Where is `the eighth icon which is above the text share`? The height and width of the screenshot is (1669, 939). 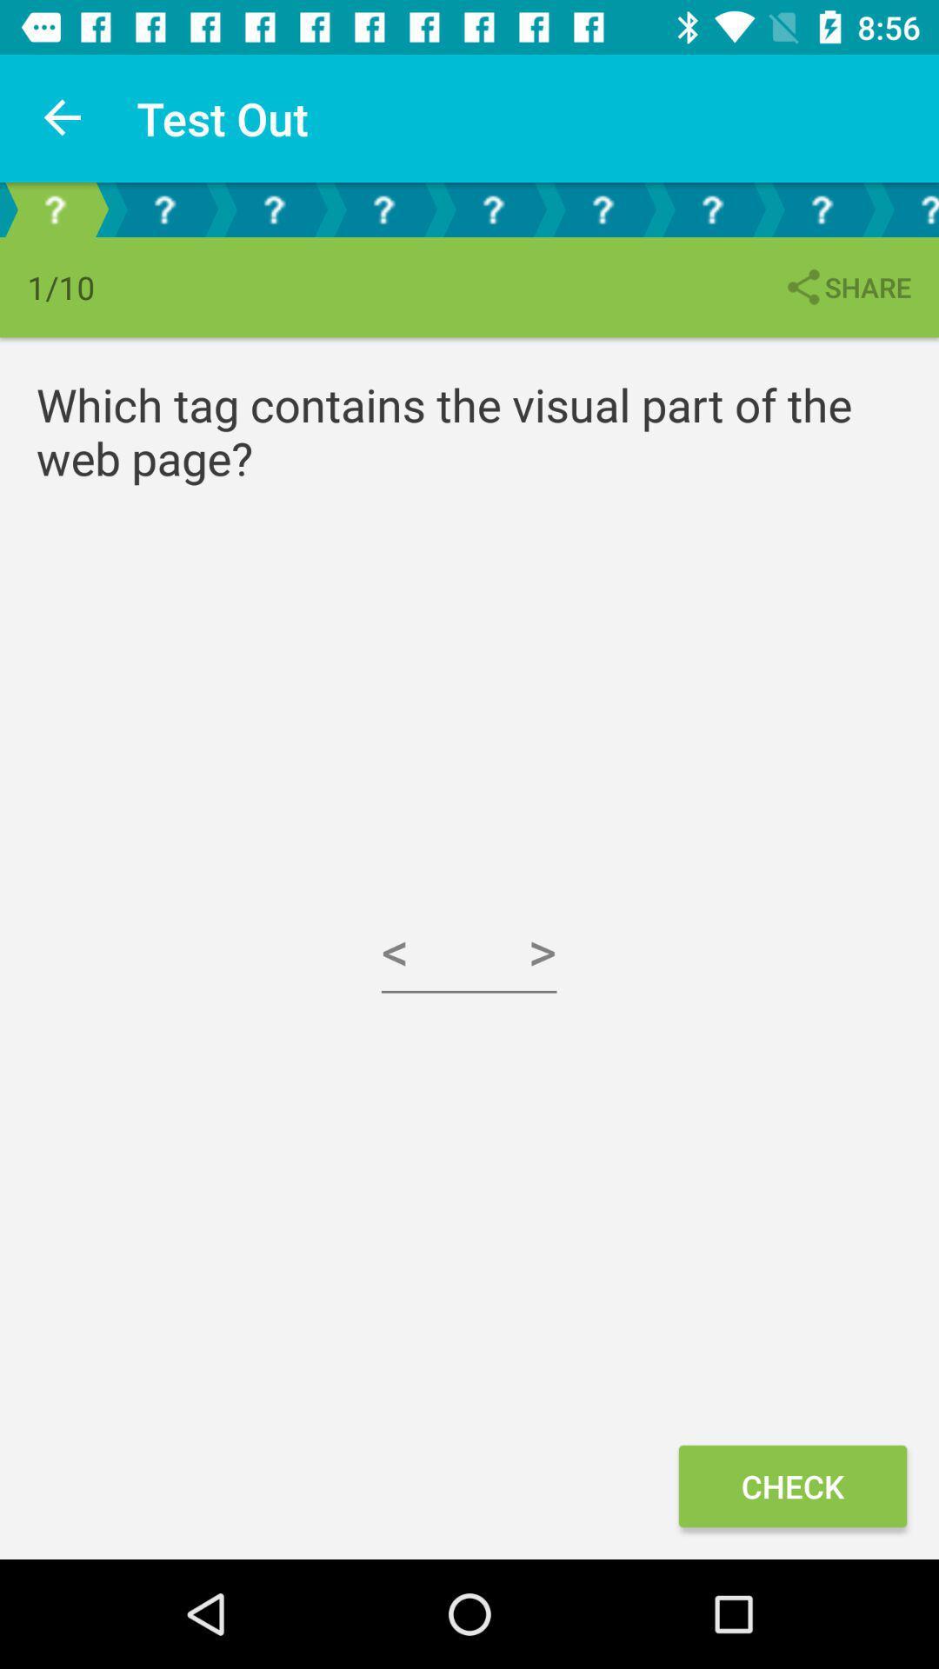
the eighth icon which is above the text share is located at coordinates (822, 209).